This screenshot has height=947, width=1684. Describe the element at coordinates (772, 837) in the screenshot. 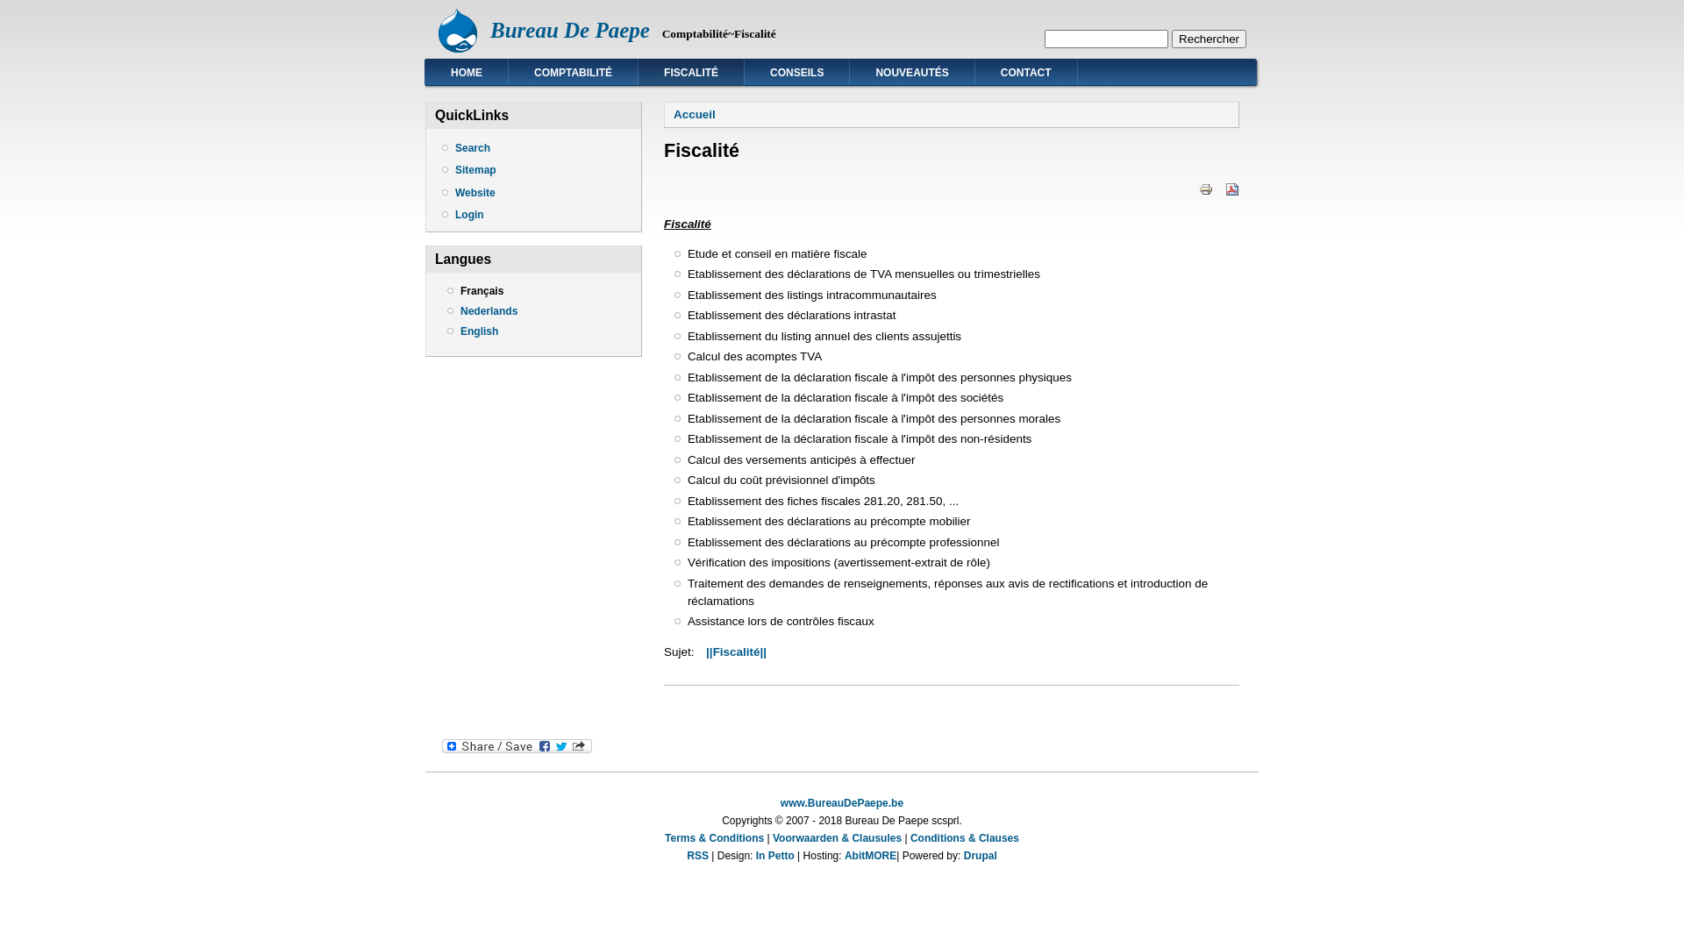

I see `'Voorwaarden & Clausules'` at that location.